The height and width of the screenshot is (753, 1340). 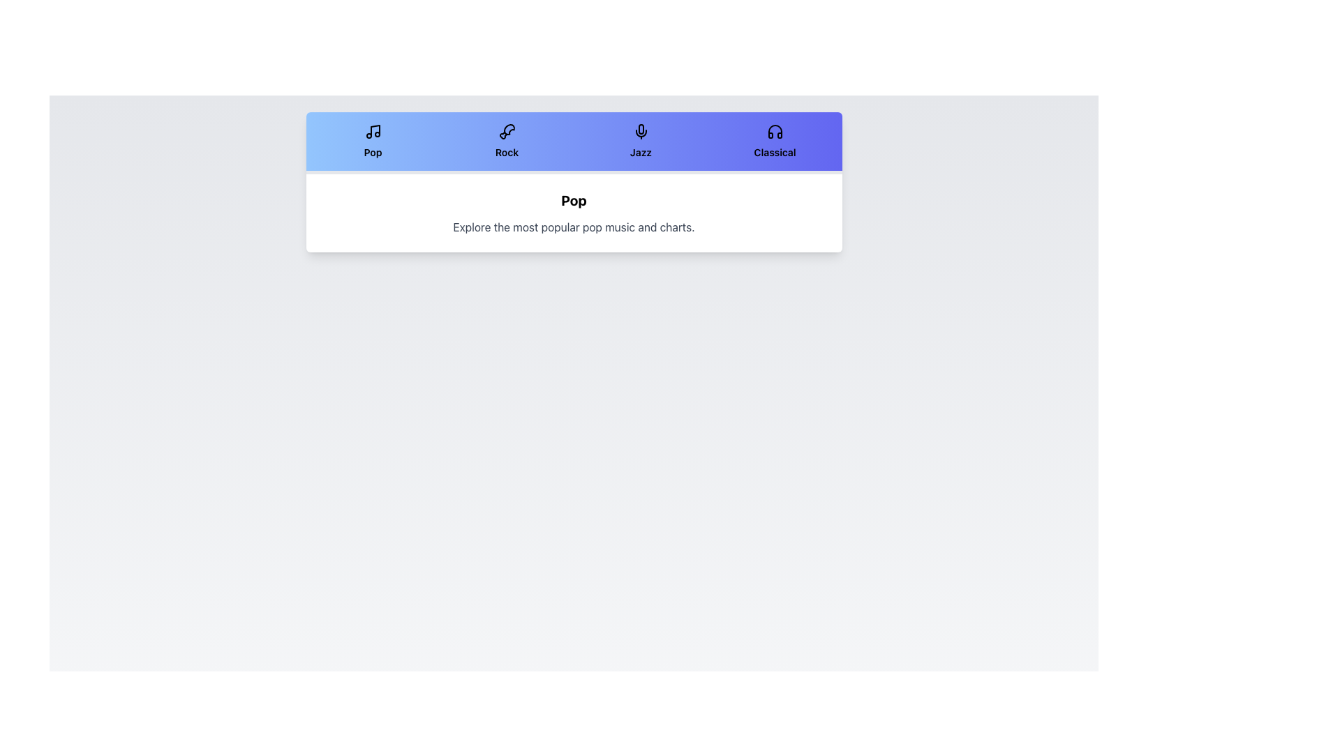 What do you see at coordinates (506, 142) in the screenshot?
I see `the 'Rock' Navigation Tab which features a drumstick icon and bold 'Rock' label, positioned centrally in the navigation row between 'Pop' and 'Jazz'` at bounding box center [506, 142].